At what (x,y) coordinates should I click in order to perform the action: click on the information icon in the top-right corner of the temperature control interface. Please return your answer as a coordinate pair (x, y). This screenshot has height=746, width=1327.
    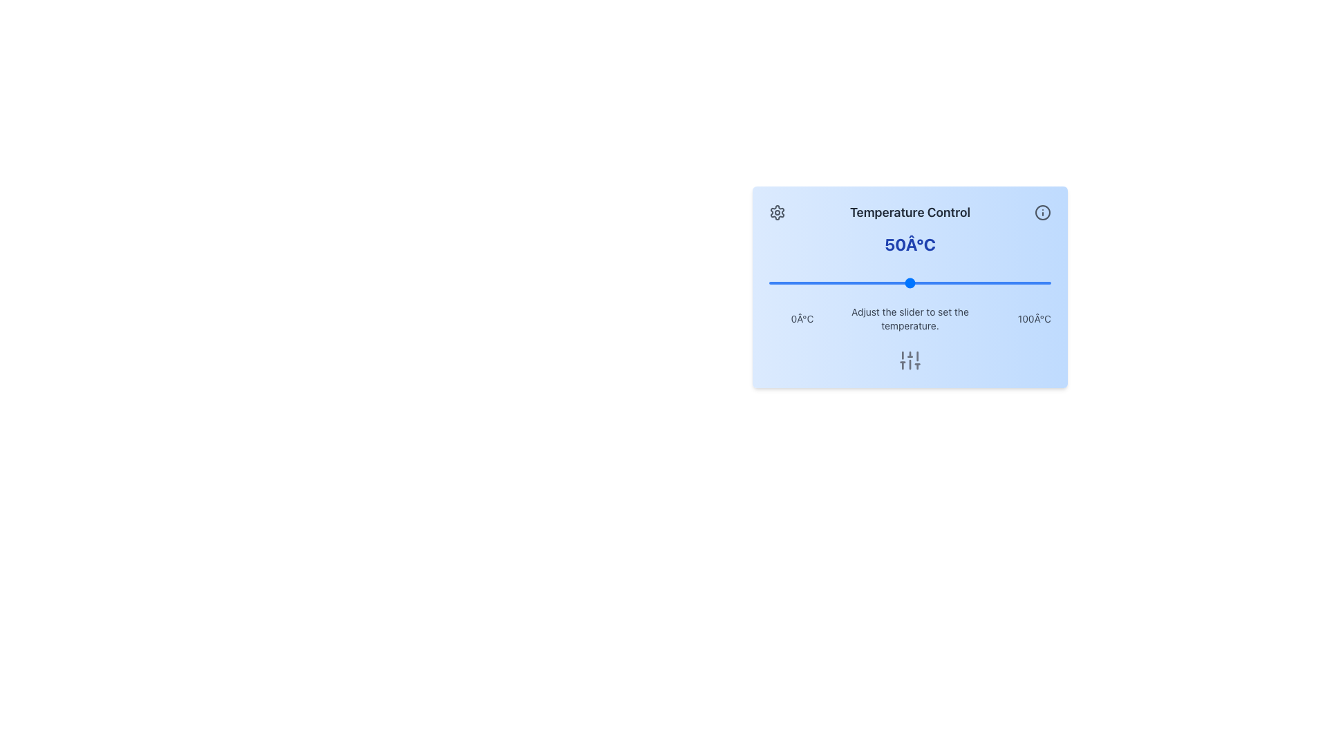
    Looking at the image, I should click on (1042, 213).